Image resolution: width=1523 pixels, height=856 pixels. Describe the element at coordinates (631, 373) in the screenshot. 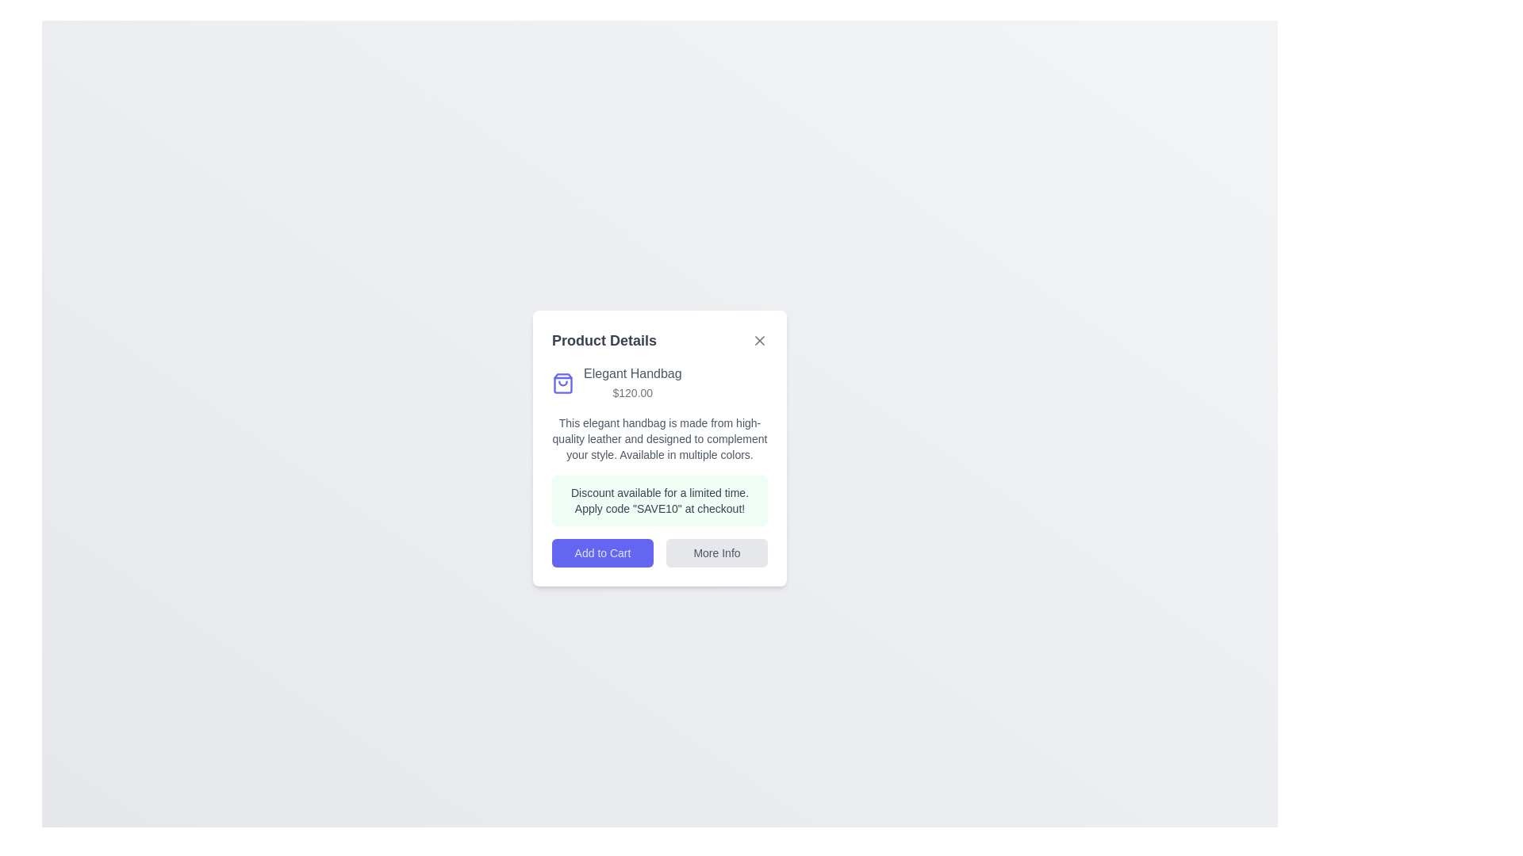

I see `the text label displaying 'Elegant Handbag', which is prominently located at the top of the details section, above the price '$120.00'` at that location.